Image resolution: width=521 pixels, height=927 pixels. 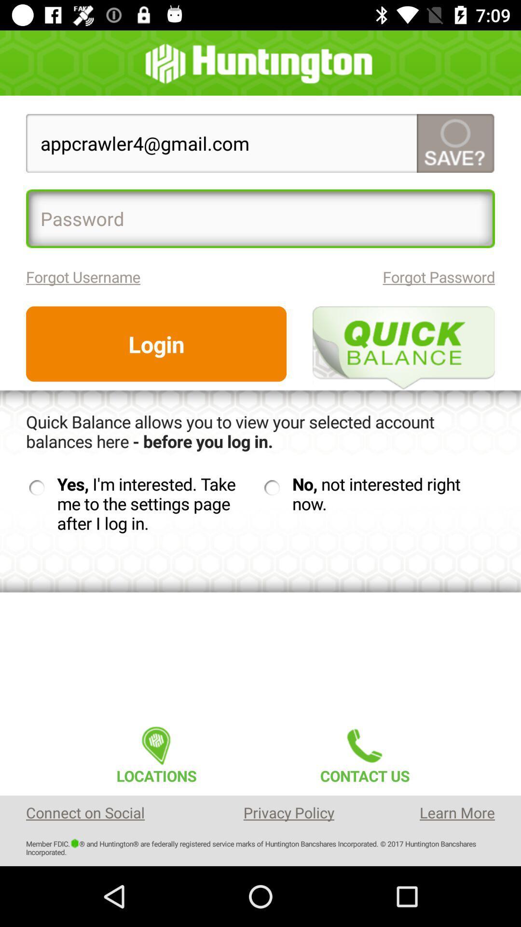 What do you see at coordinates (156, 344) in the screenshot?
I see `the item below the forgot username item` at bounding box center [156, 344].